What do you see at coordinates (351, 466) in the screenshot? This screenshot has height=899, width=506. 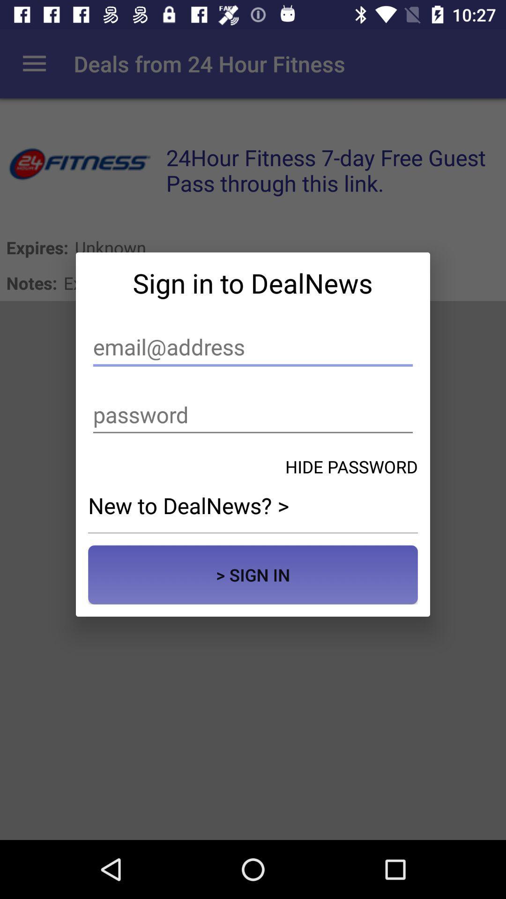 I see `item on the right` at bounding box center [351, 466].